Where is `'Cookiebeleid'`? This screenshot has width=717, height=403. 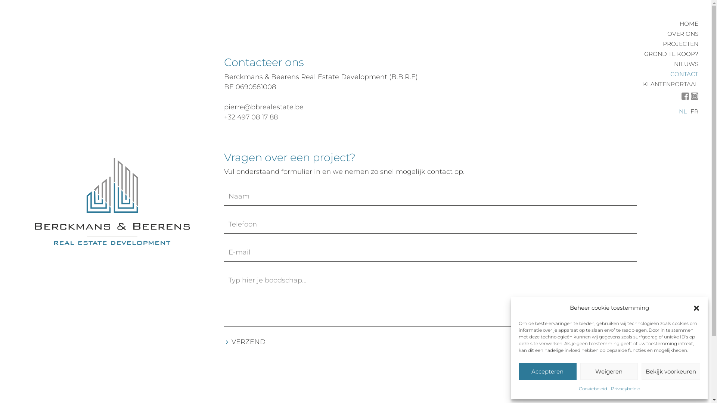 'Cookiebeleid' is located at coordinates (578, 388).